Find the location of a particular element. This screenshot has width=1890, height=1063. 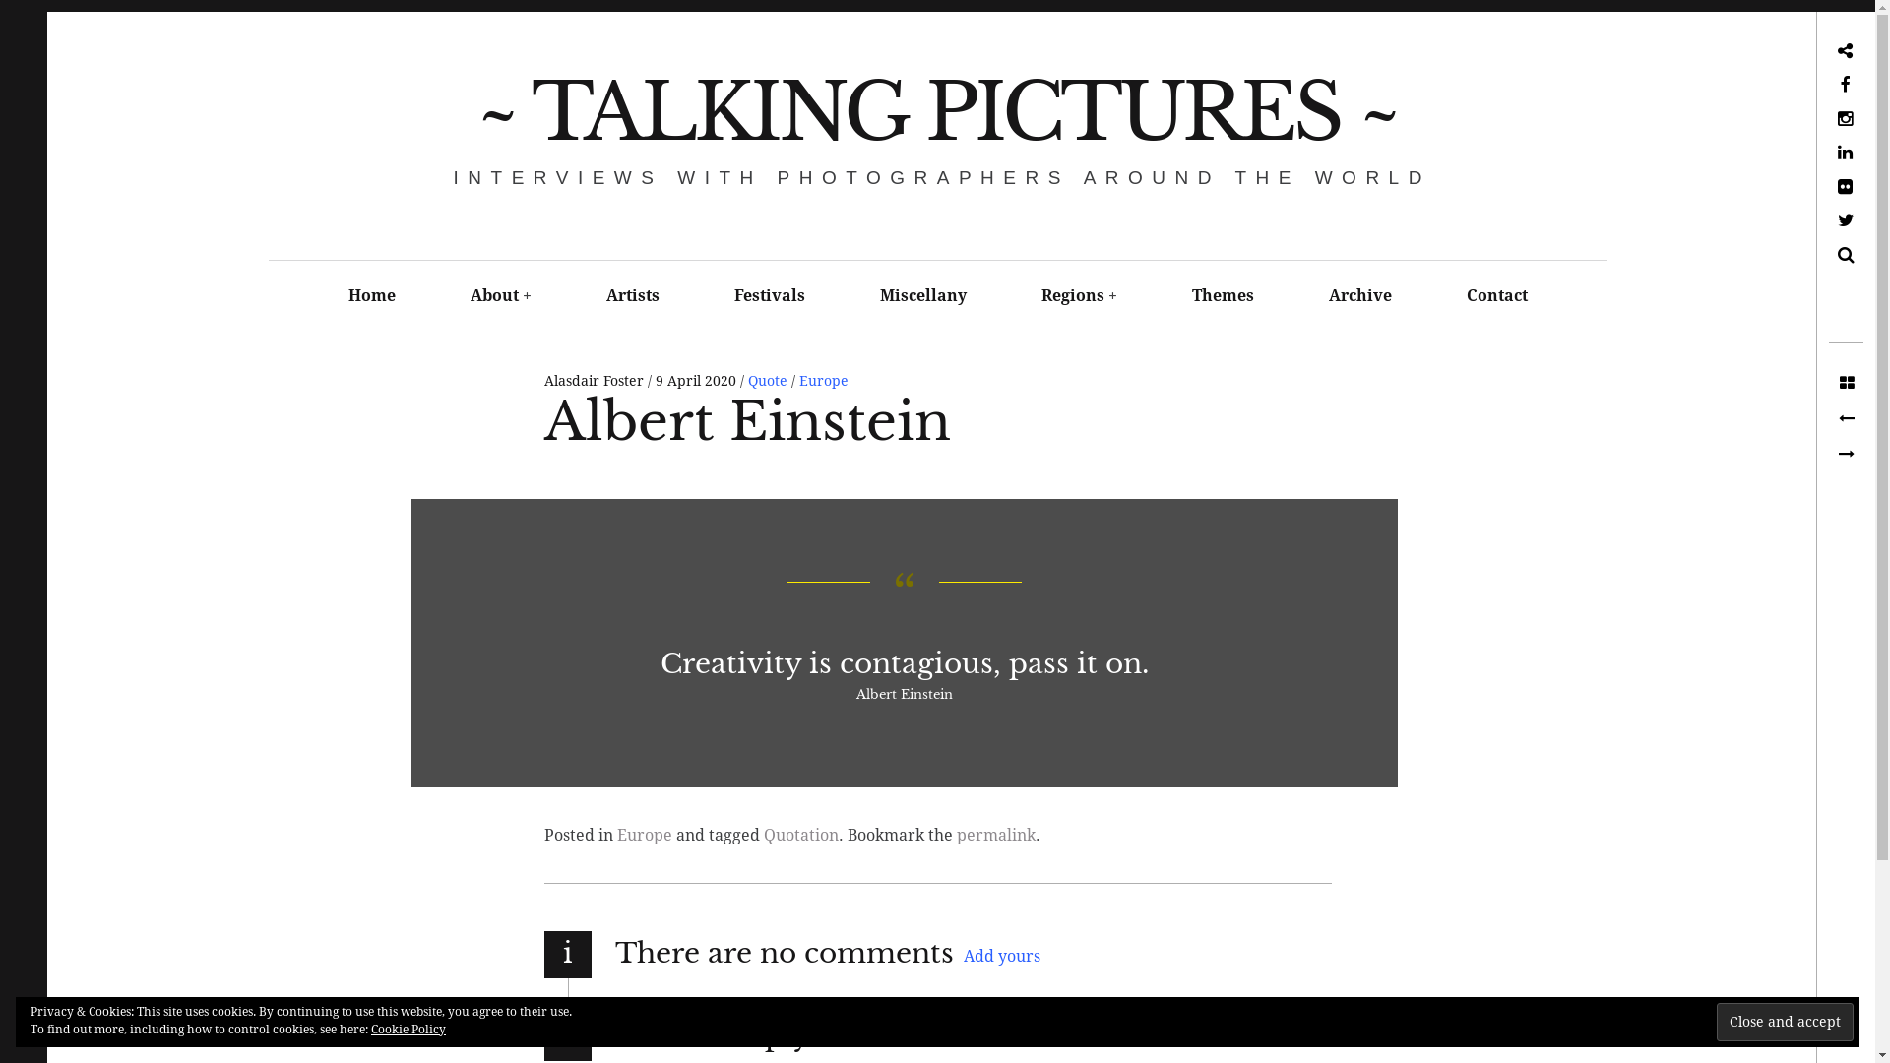

'Instagram' is located at coordinates (1776, 119).